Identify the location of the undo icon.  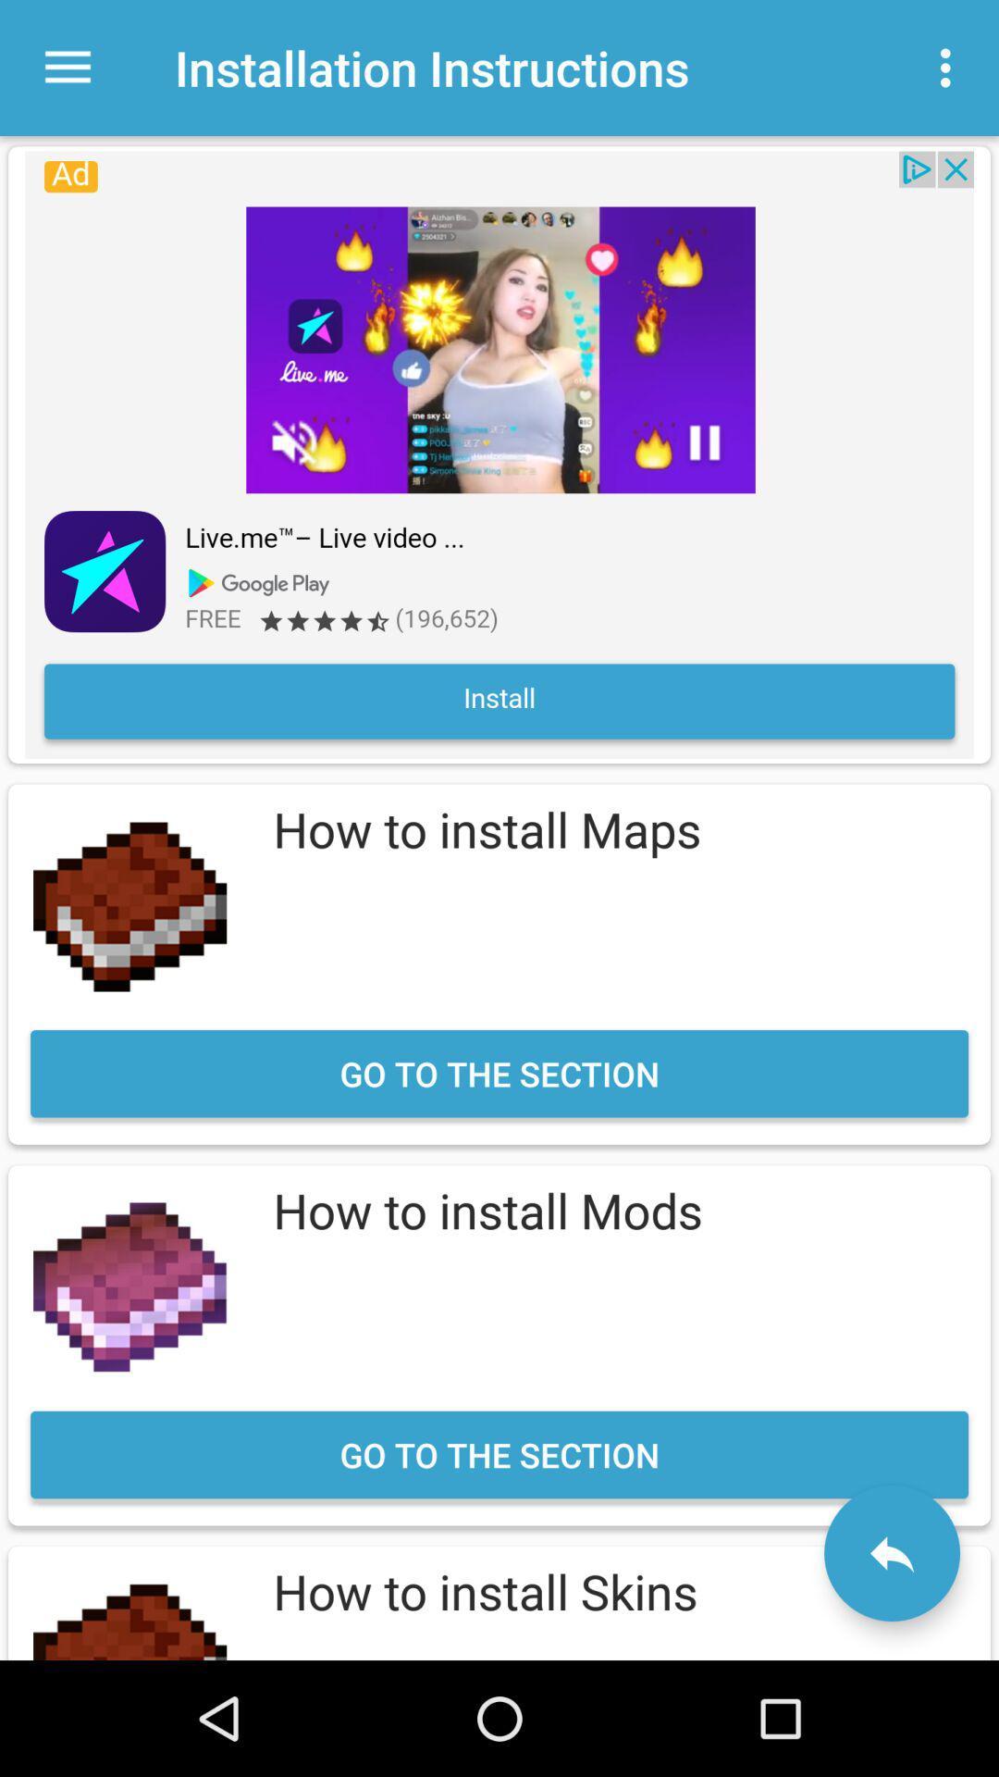
(891, 1553).